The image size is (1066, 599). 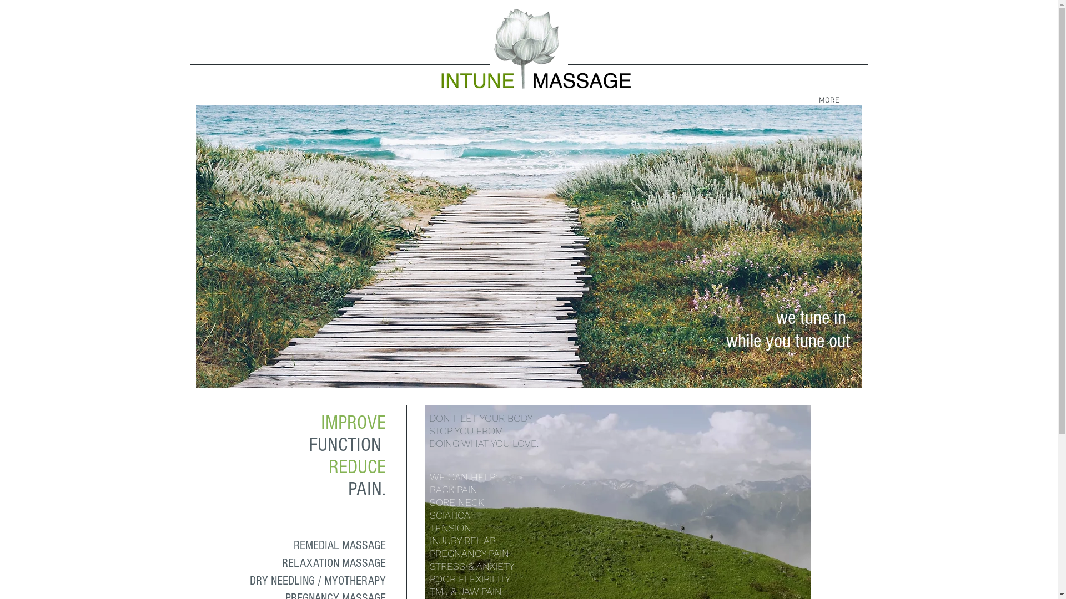 What do you see at coordinates (823, 340) in the screenshot?
I see `'tune out'` at bounding box center [823, 340].